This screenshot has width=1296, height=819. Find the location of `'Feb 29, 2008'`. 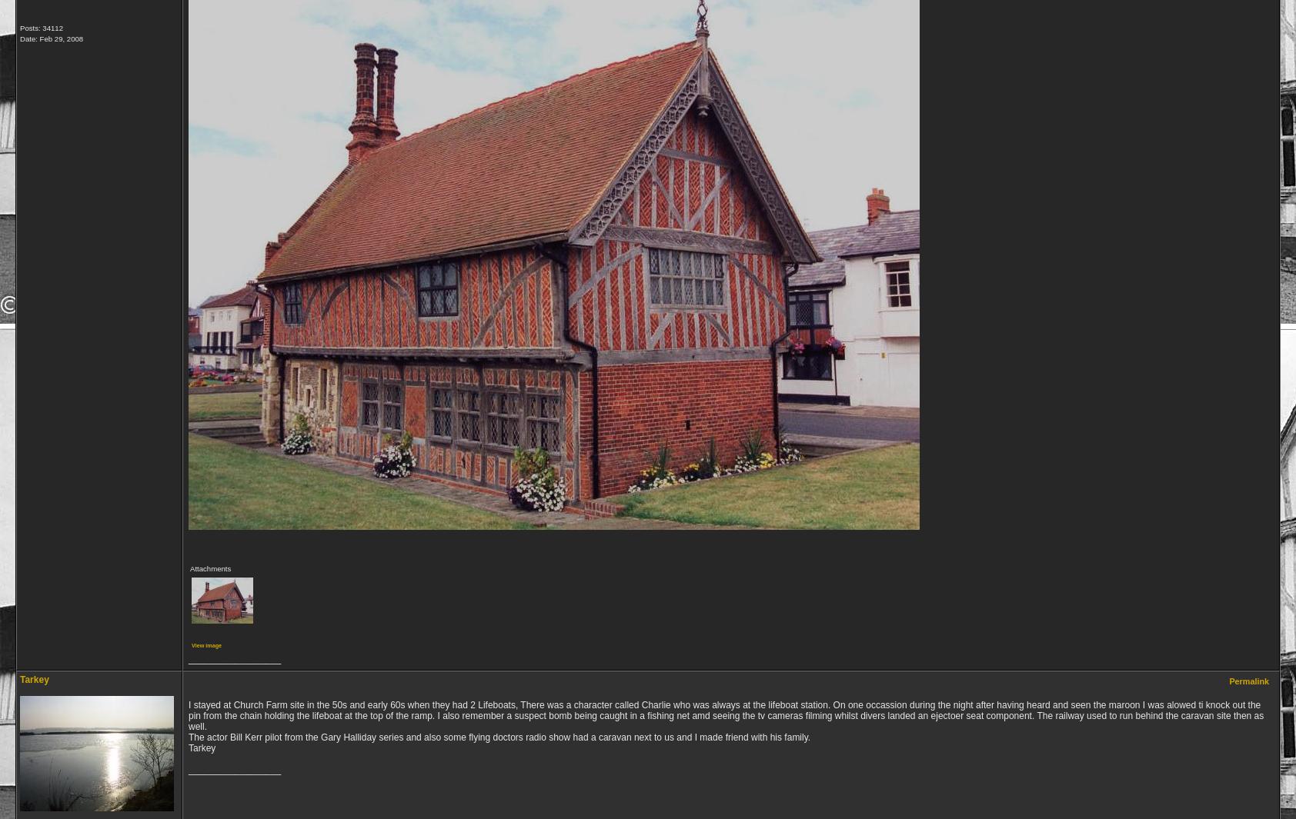

'Feb 29, 2008' is located at coordinates (60, 38).